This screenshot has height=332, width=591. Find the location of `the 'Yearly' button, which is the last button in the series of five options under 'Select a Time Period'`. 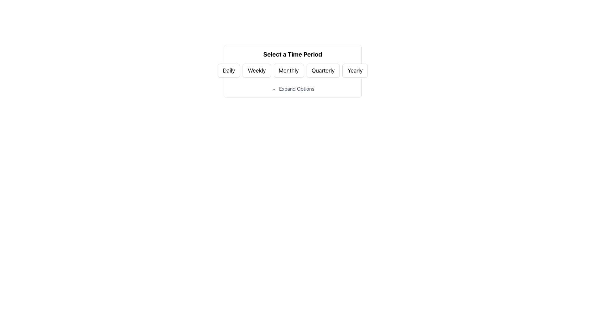

the 'Yearly' button, which is the last button in the series of five options under 'Select a Time Period' is located at coordinates (355, 70).